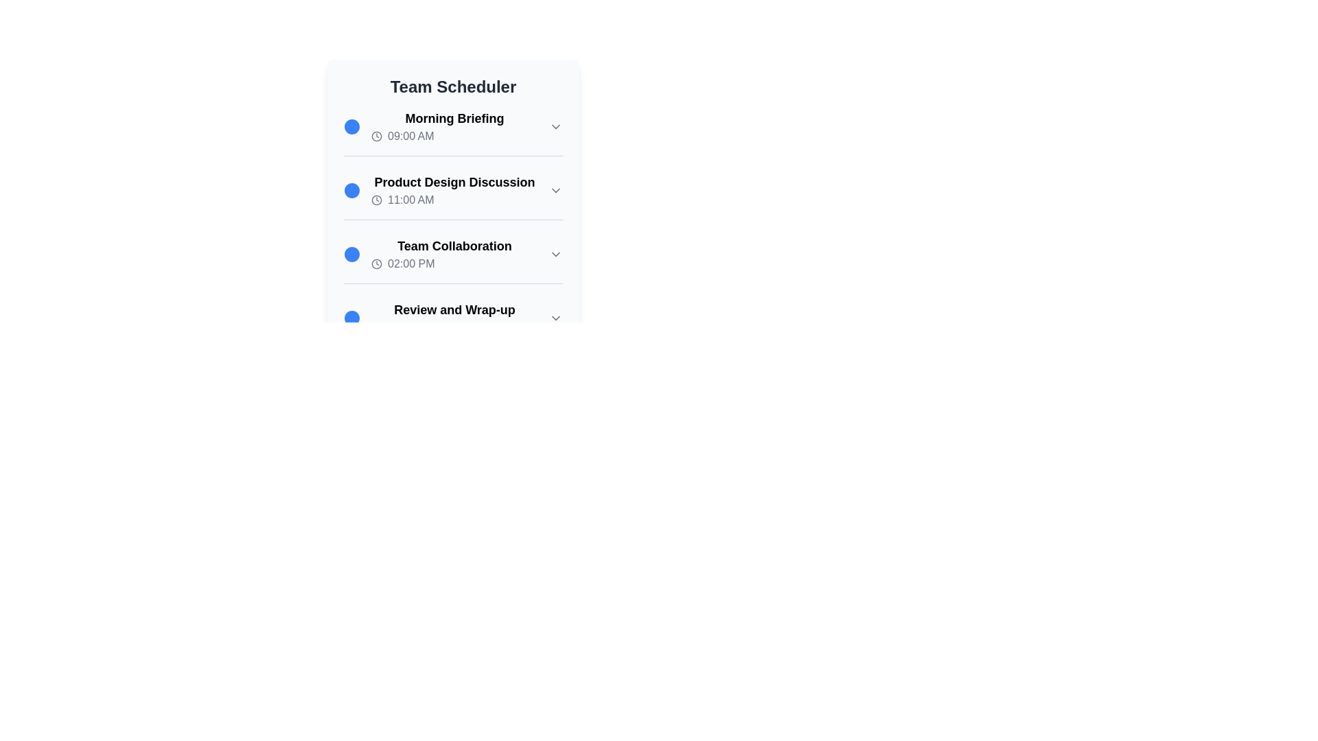  Describe the element at coordinates (453, 324) in the screenshot. I see `event name 'Review and Wrap-up' and its start time '04:30 PM' from the schedule item located in the 'Team Scheduler' list, which is the fourth item down` at that location.